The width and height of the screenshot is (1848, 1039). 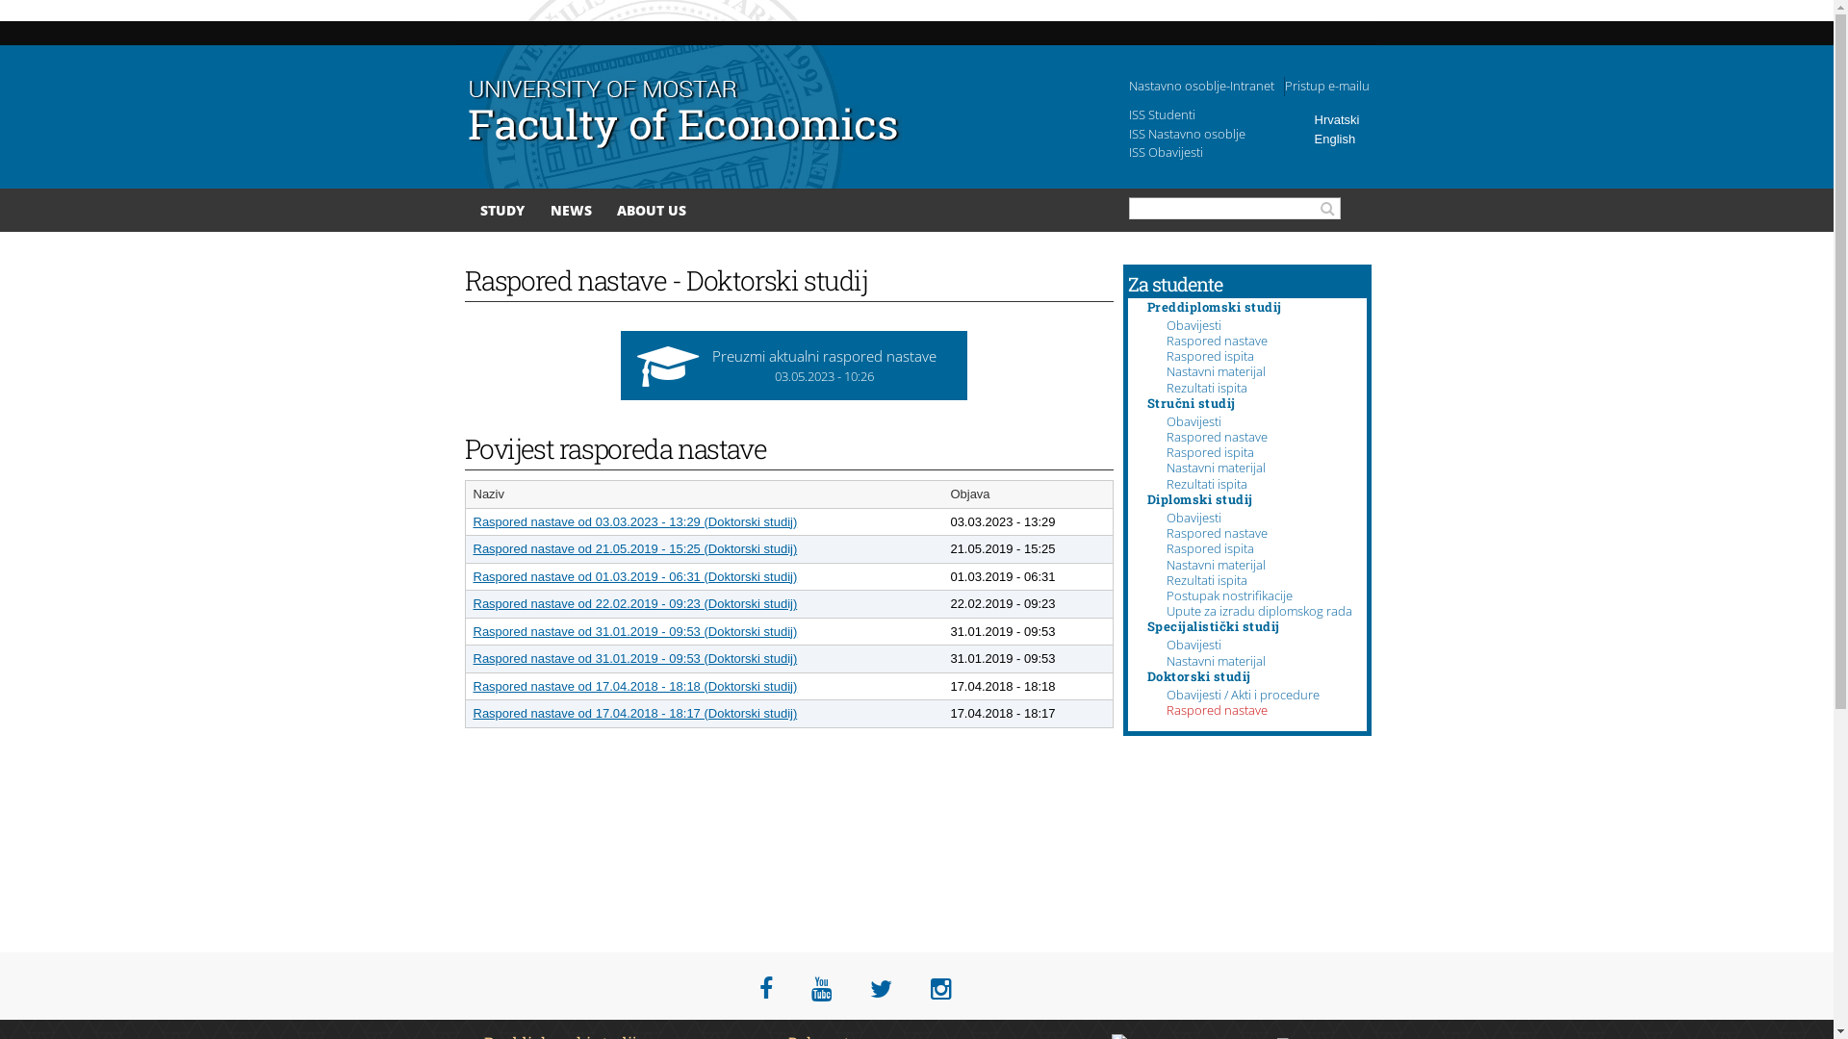 What do you see at coordinates (1128, 208) in the screenshot?
I see `'Enter the terms you wish to search for.'` at bounding box center [1128, 208].